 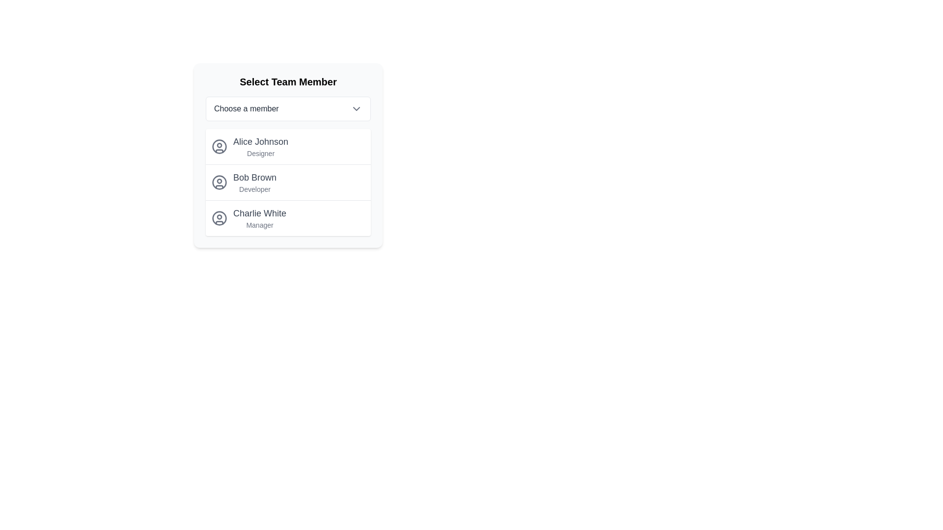 What do you see at coordinates (219, 147) in the screenshot?
I see `the user profile icon, which is a circular outline containing a smaller circle at the upper center, located to the left of the text 'Alice Johnson Designer' in the 'Select Team Member' interface` at bounding box center [219, 147].